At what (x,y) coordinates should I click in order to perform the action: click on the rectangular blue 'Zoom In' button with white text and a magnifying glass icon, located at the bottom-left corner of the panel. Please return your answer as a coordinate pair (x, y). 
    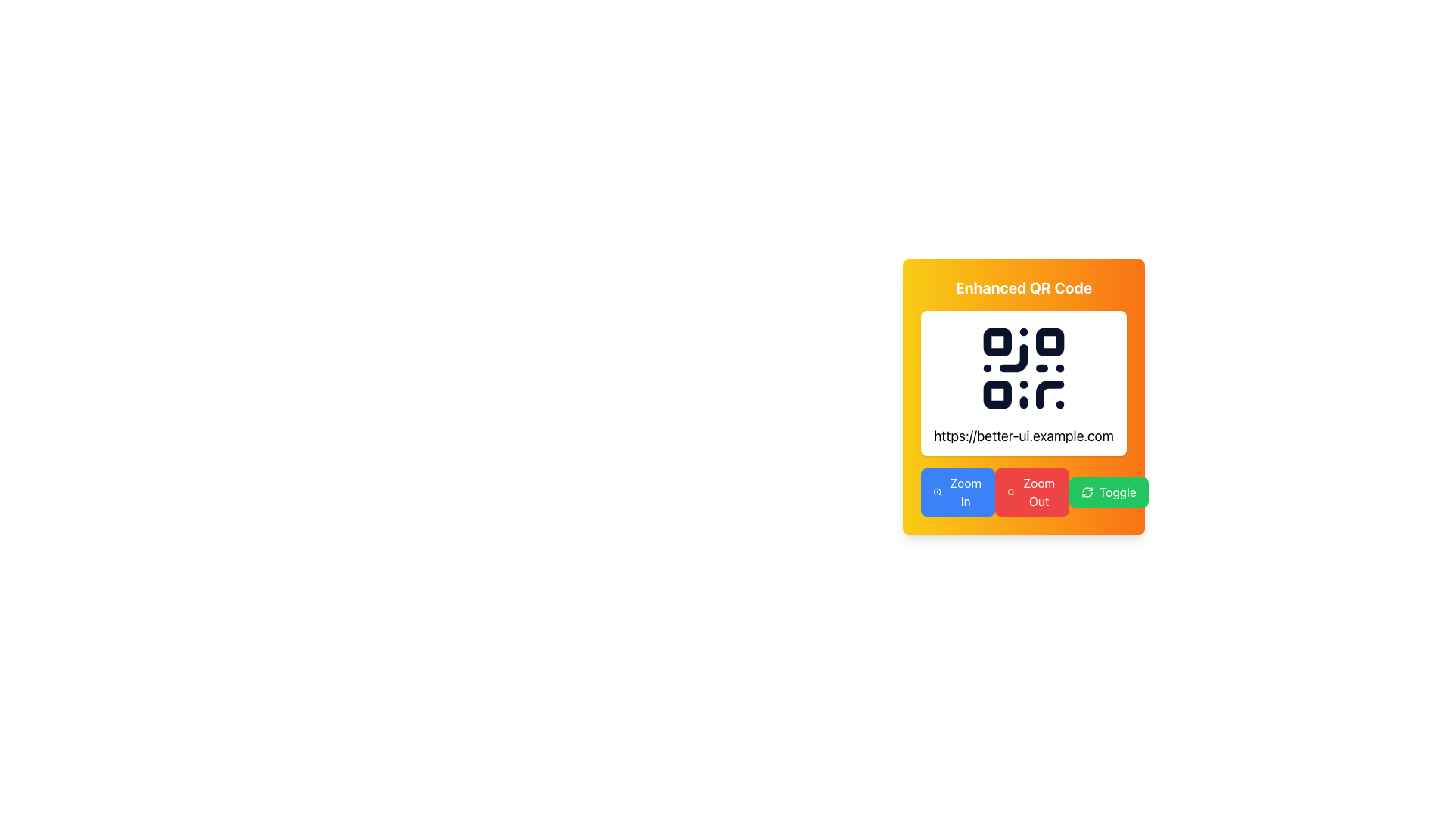
    Looking at the image, I should click on (957, 492).